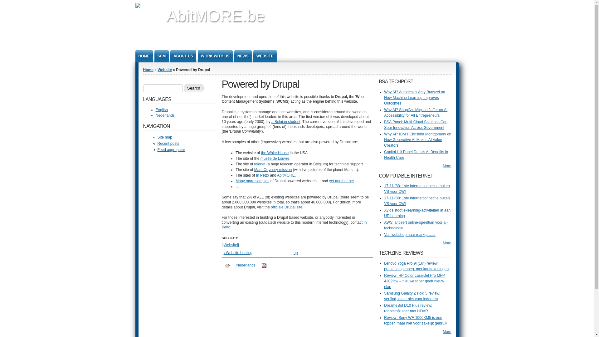 The image size is (599, 337). I want to click on 'ABOUT US', so click(183, 56).